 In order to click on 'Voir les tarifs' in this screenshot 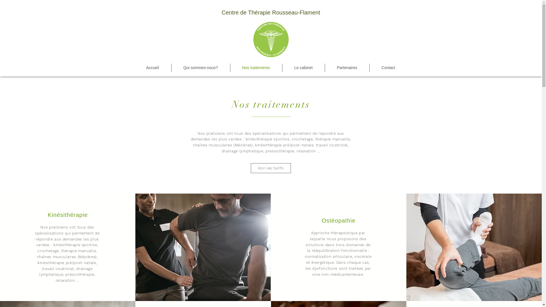, I will do `click(270, 168)`.